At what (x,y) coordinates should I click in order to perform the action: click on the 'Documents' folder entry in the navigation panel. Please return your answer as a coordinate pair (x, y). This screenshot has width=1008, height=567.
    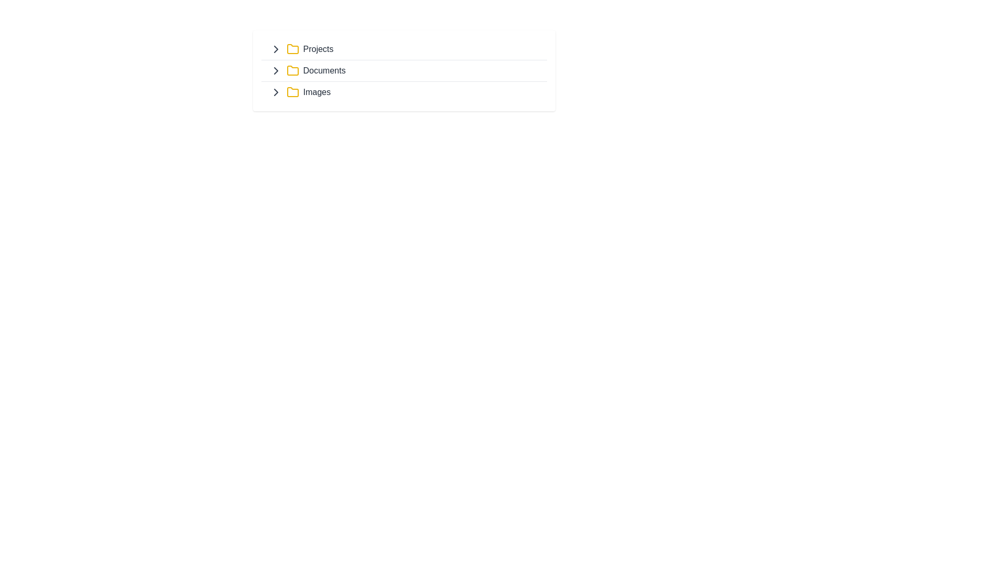
    Looking at the image, I should click on (403, 71).